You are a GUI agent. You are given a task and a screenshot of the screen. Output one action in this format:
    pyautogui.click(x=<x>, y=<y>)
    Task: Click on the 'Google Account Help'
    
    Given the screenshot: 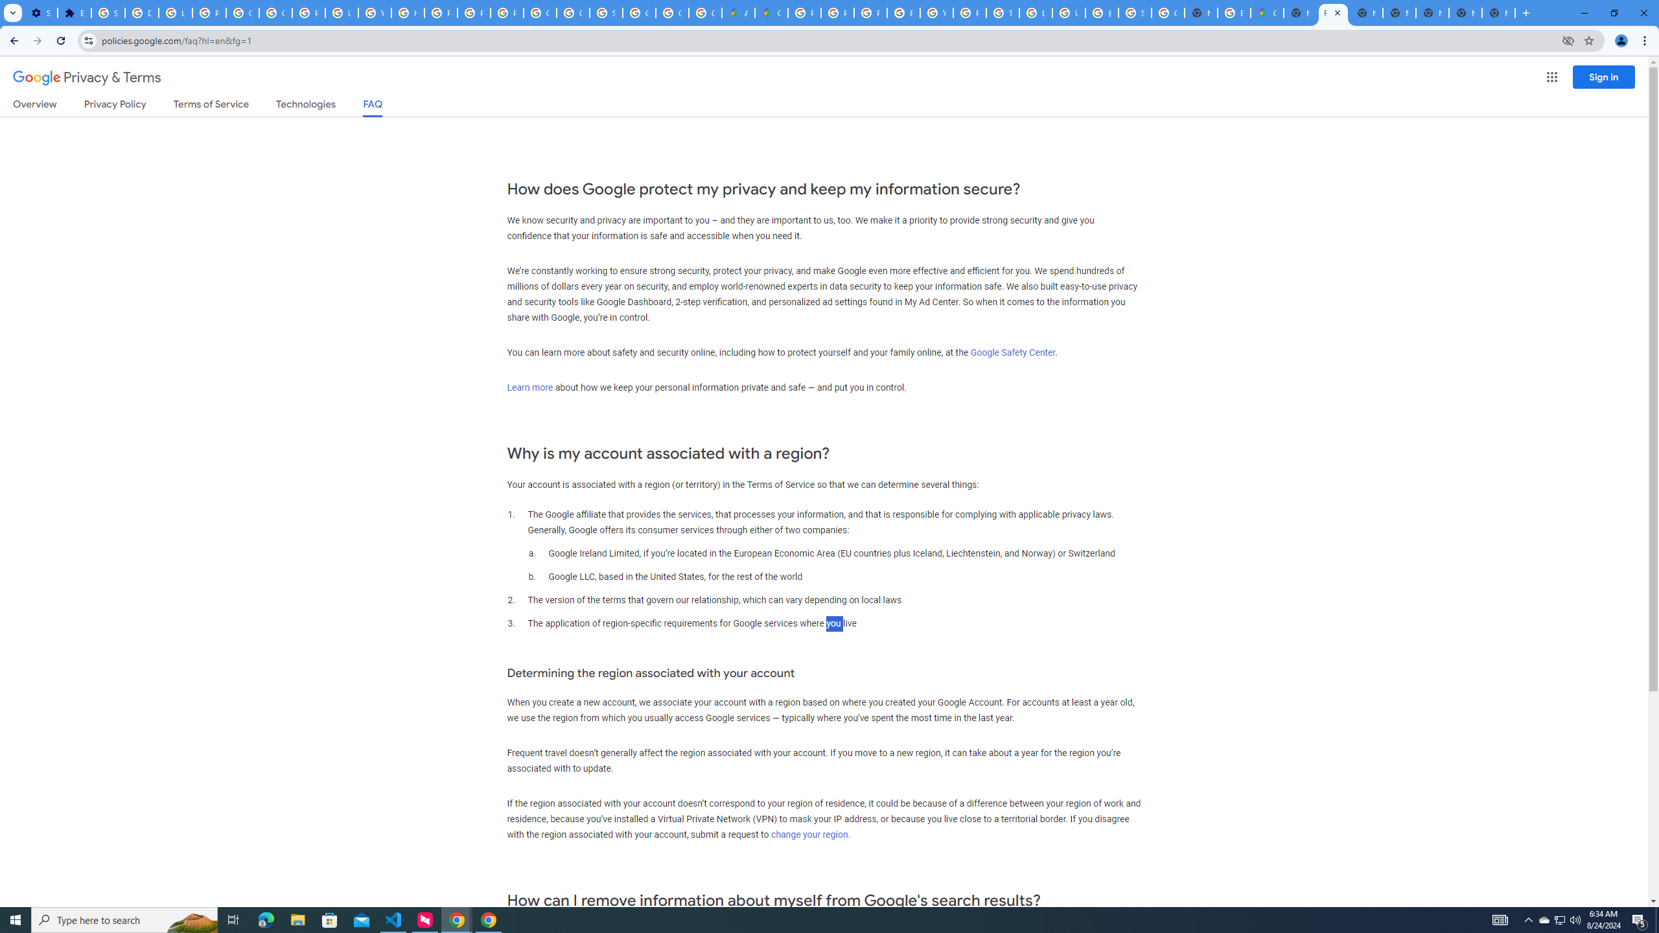 What is the action you would take?
    pyautogui.click(x=243, y=12)
    